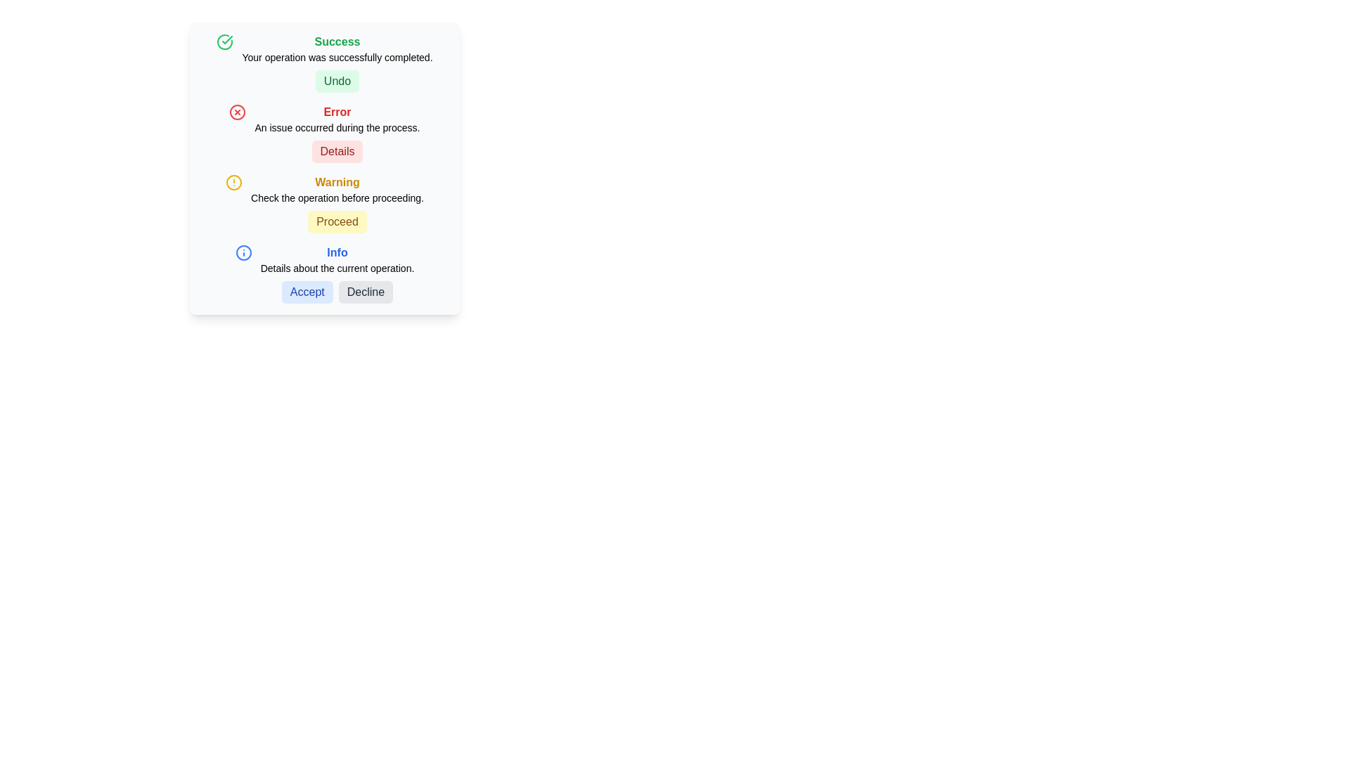 This screenshot has width=1350, height=759. Describe the element at coordinates (337, 268) in the screenshot. I see `the static text element that reads 'Details about the current operation', located below the 'Info' header and above the 'Accept' and 'Decline' buttons` at that location.